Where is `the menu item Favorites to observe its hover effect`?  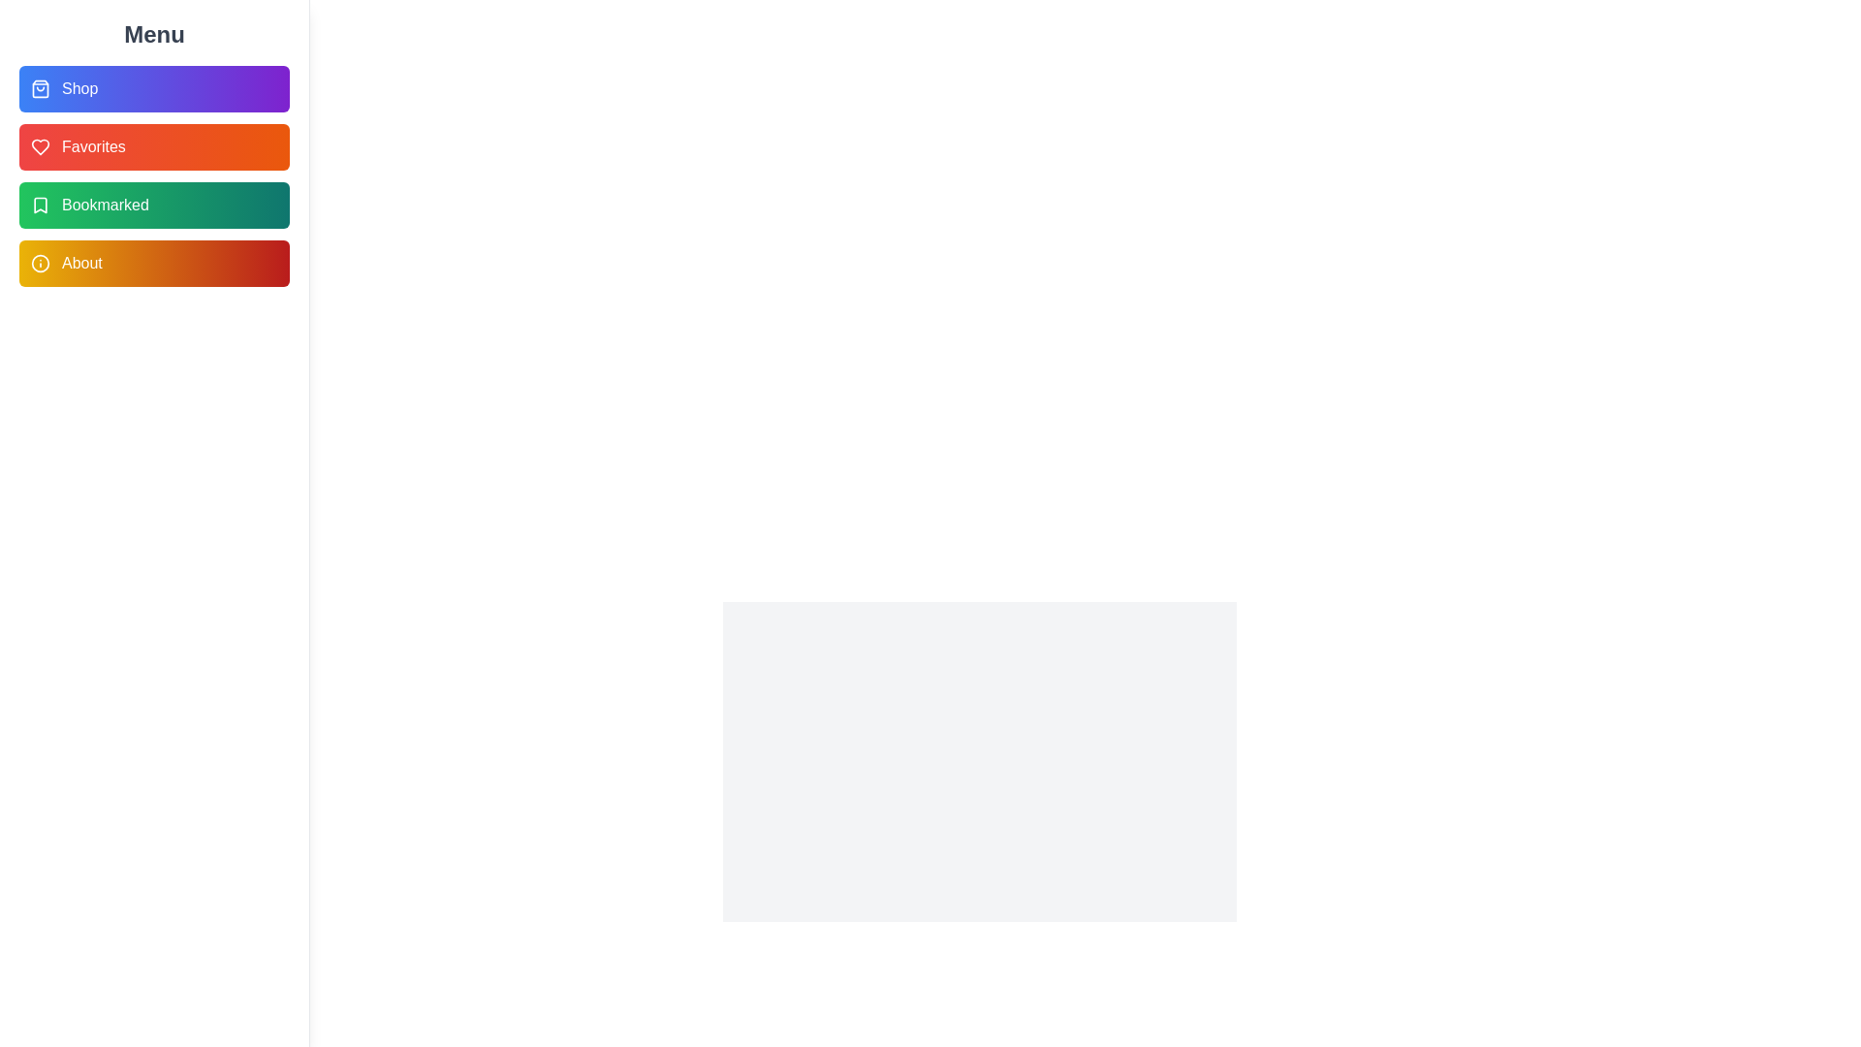
the menu item Favorites to observe its hover effect is located at coordinates (153, 145).